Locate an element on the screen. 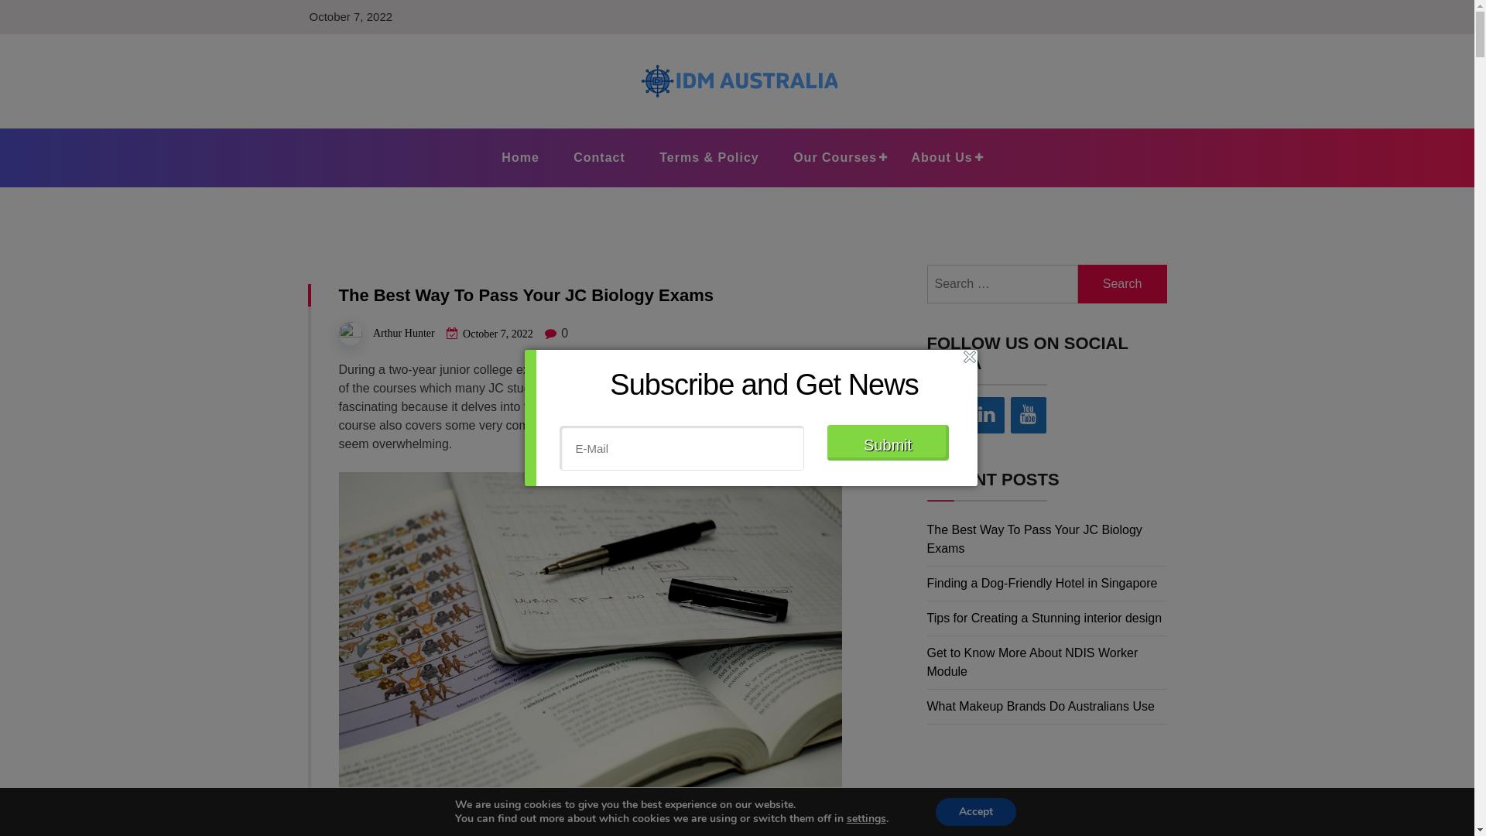  'Tips for Creating a Stunning interior design' is located at coordinates (1044, 617).